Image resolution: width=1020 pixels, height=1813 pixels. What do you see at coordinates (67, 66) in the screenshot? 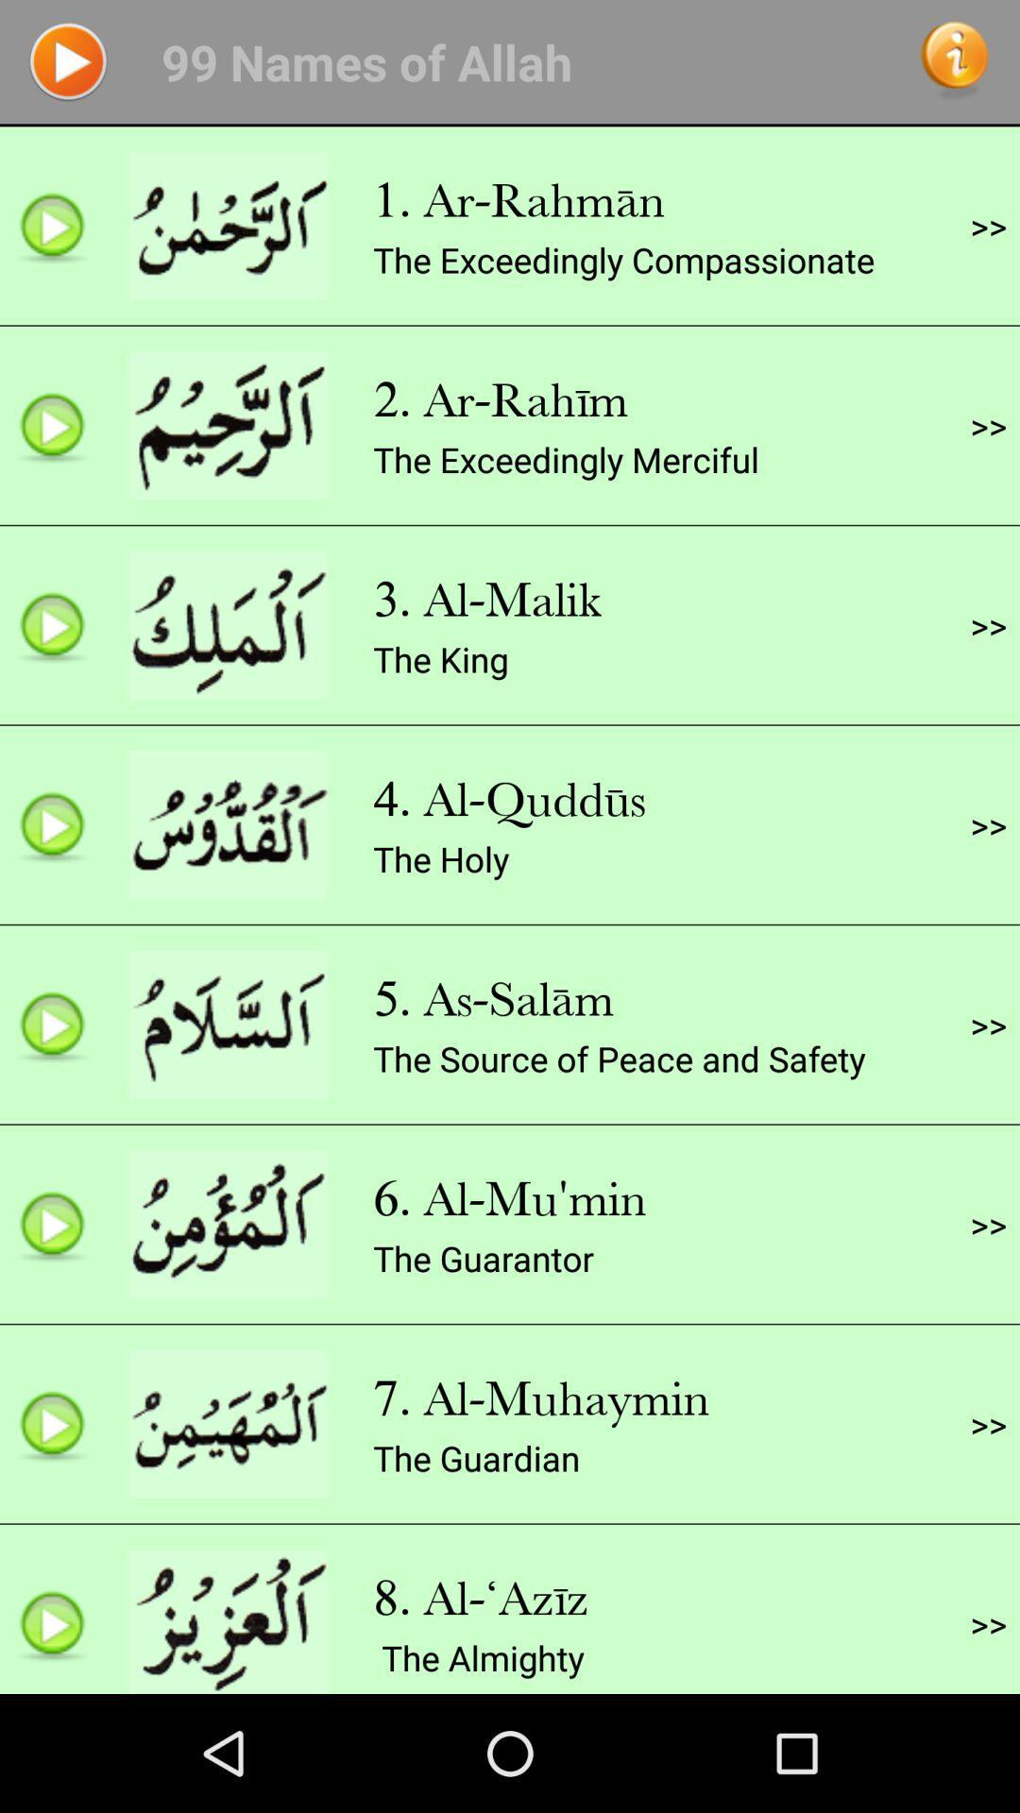
I see `the play icon` at bounding box center [67, 66].